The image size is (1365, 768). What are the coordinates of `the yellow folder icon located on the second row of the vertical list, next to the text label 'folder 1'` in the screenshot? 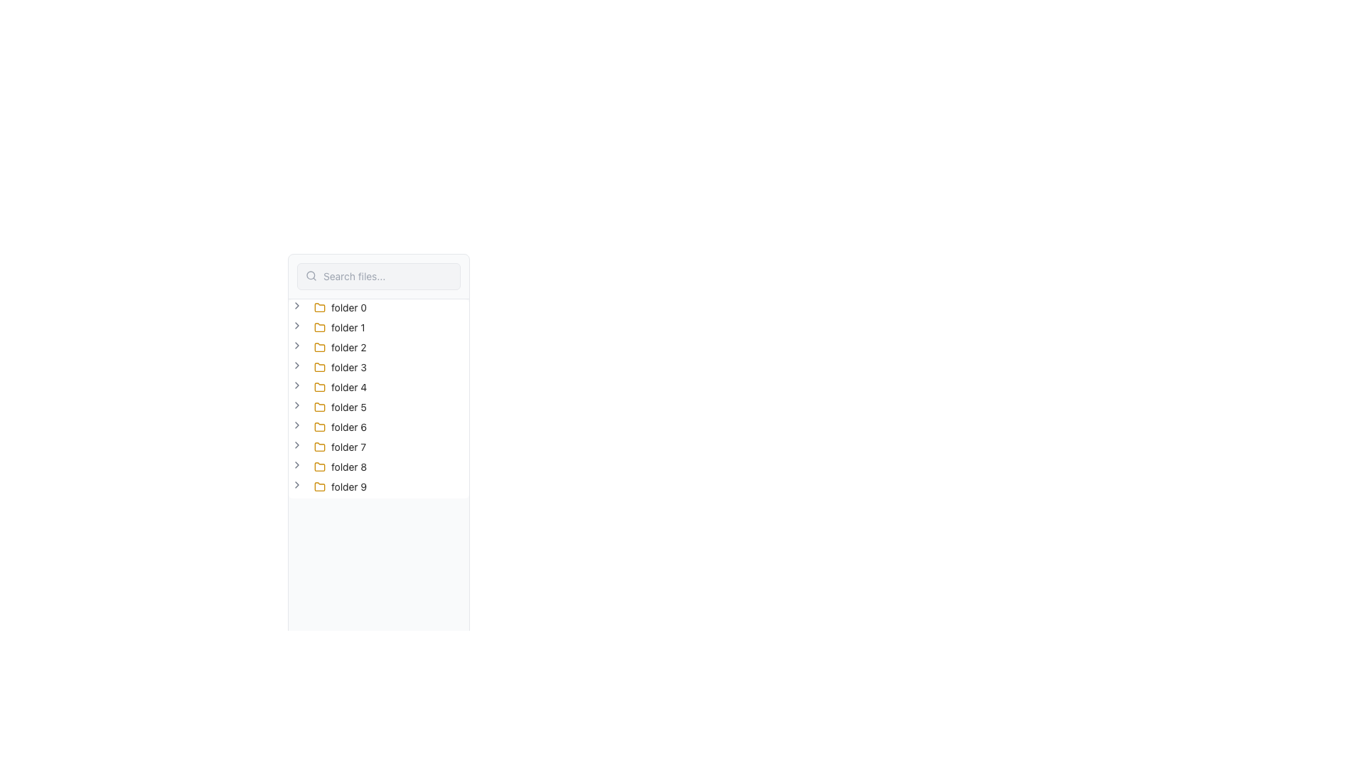 It's located at (319, 328).